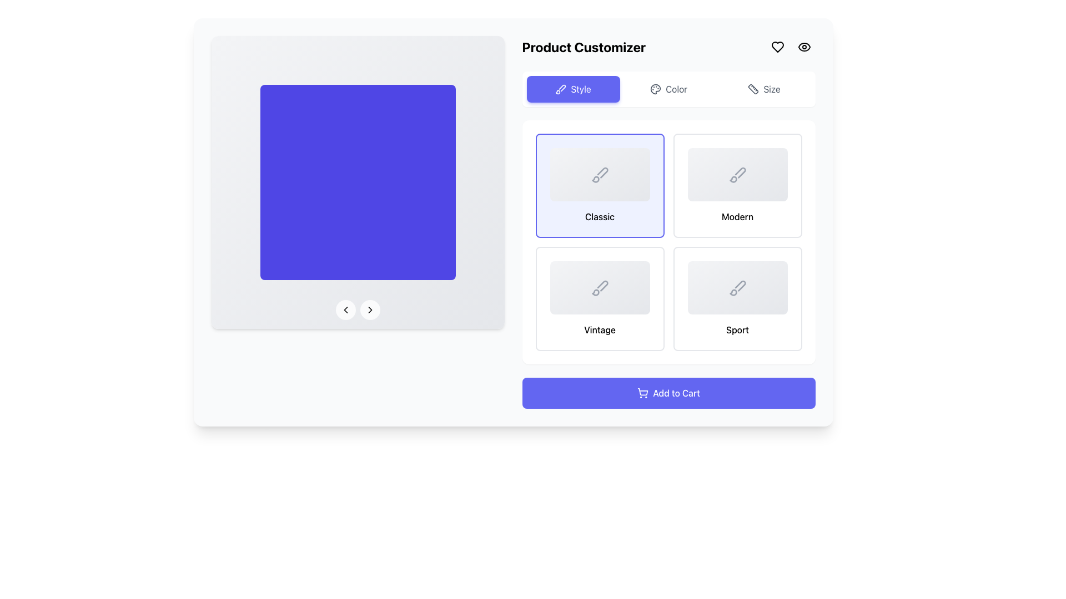 This screenshot has height=599, width=1066. I want to click on the 'Modern' text label, so click(737, 216).